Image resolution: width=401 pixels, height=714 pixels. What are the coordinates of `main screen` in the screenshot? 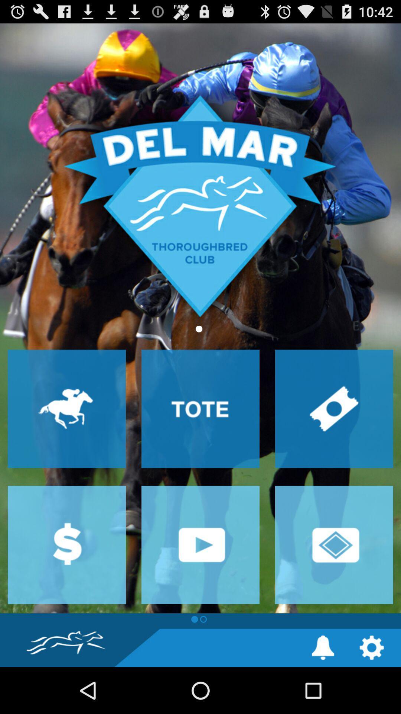 It's located at (200, 318).